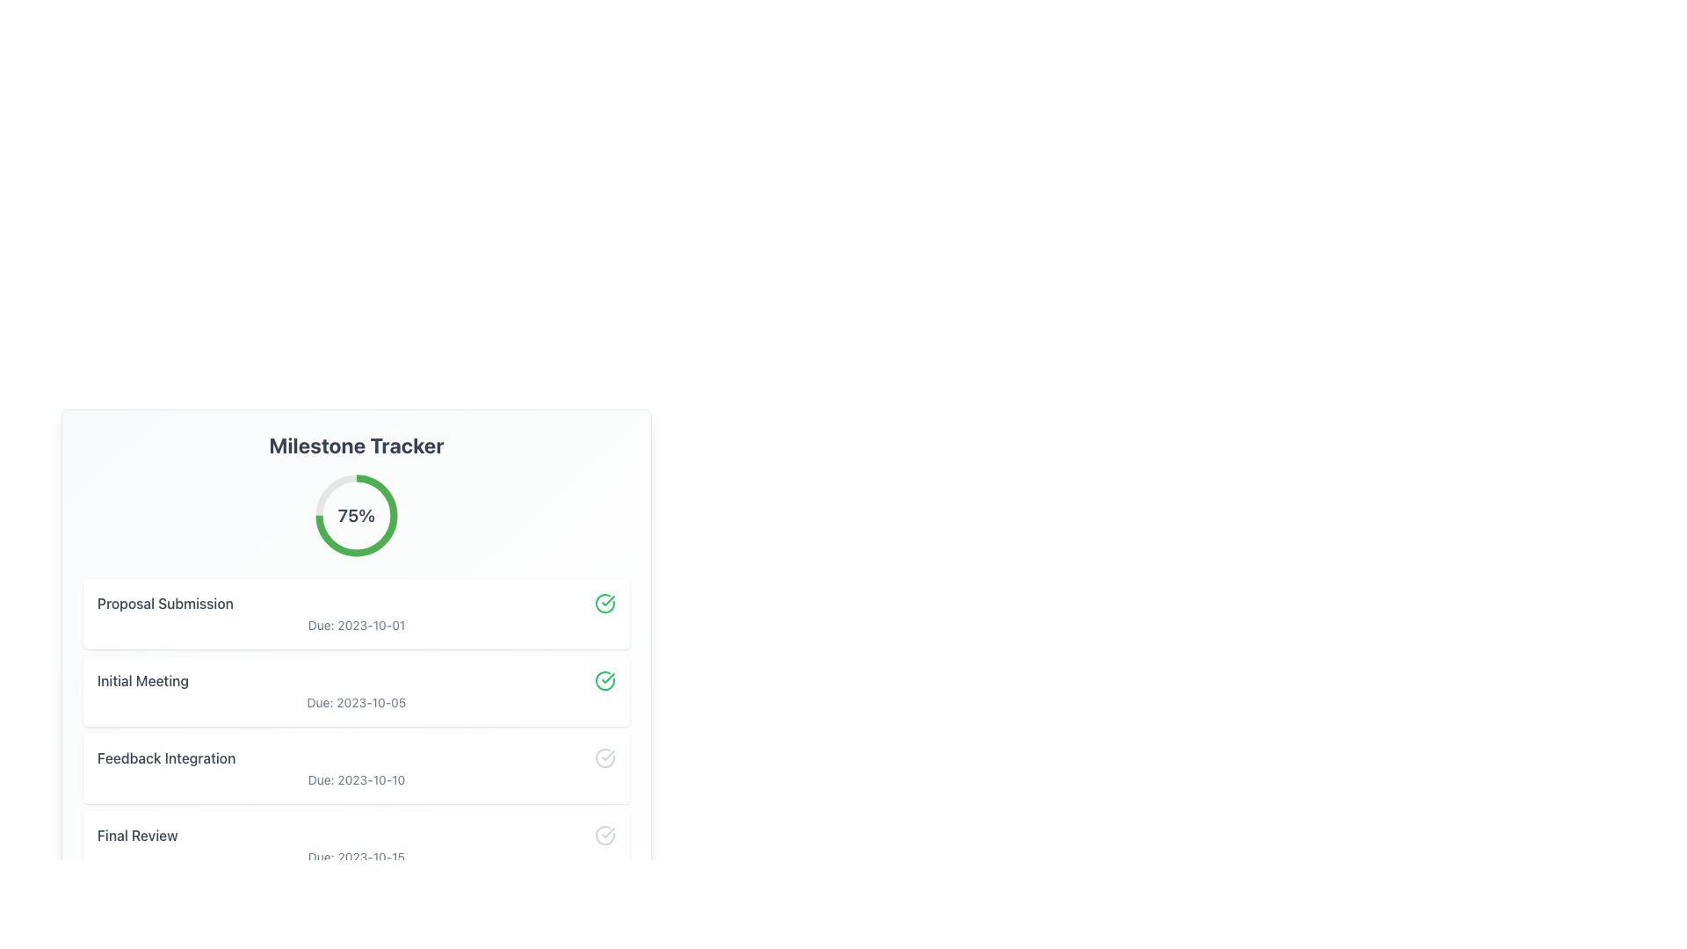 The height and width of the screenshot is (949, 1687). Describe the element at coordinates (605, 680) in the screenshot. I see `the status of the circular checkmark icon that signifies the completion of the 'Initial Meeting' milestone, located in the top-right corner of the 'Initial Meeting' row` at that location.